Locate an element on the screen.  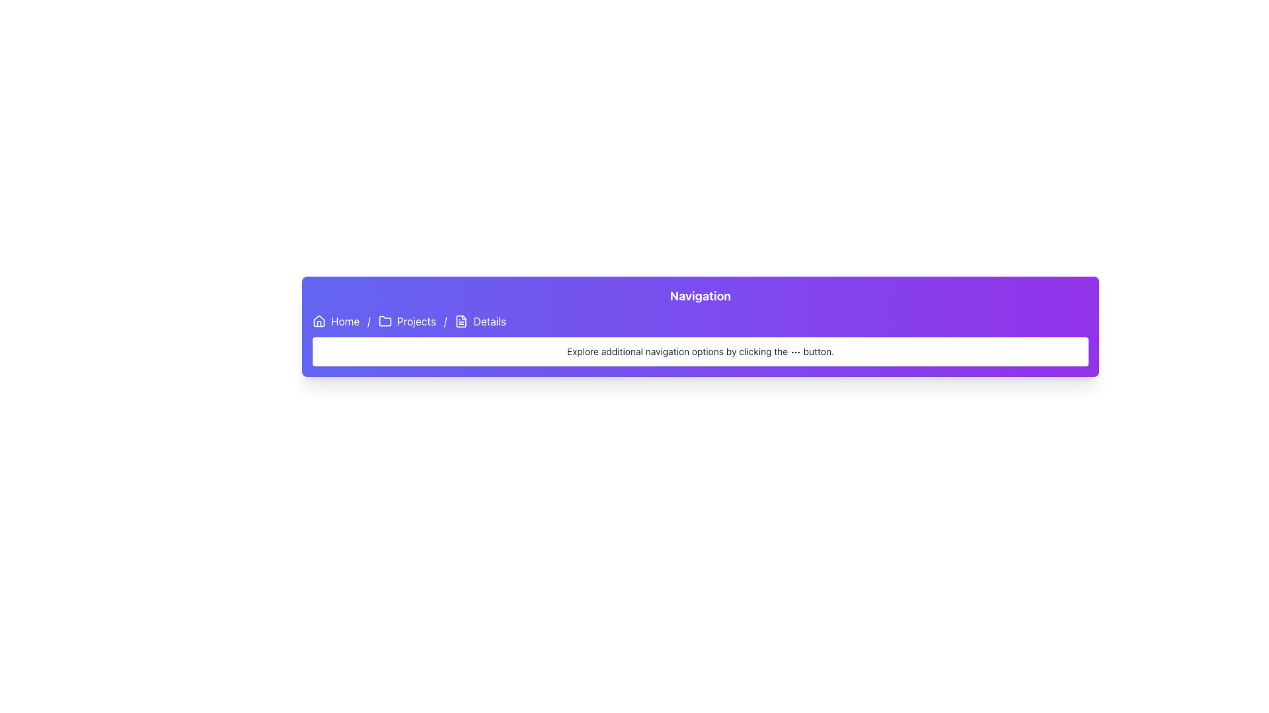
the 'Home' text label, which is styled with a white font on a purple background and is located in the breadcrumb navigation bar to the right of a house icon is located at coordinates (345, 321).